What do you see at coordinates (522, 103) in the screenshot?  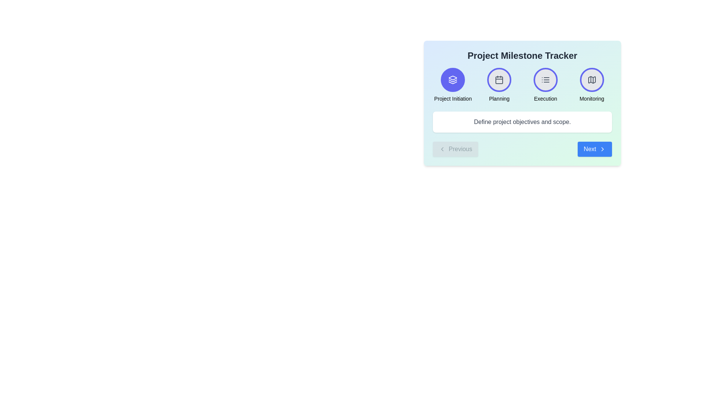 I see `the navigation buttons on the informational dashboard to navigate between project phases` at bounding box center [522, 103].